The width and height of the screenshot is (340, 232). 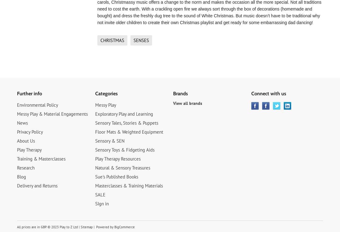 What do you see at coordinates (26, 140) in the screenshot?
I see `'About Us'` at bounding box center [26, 140].